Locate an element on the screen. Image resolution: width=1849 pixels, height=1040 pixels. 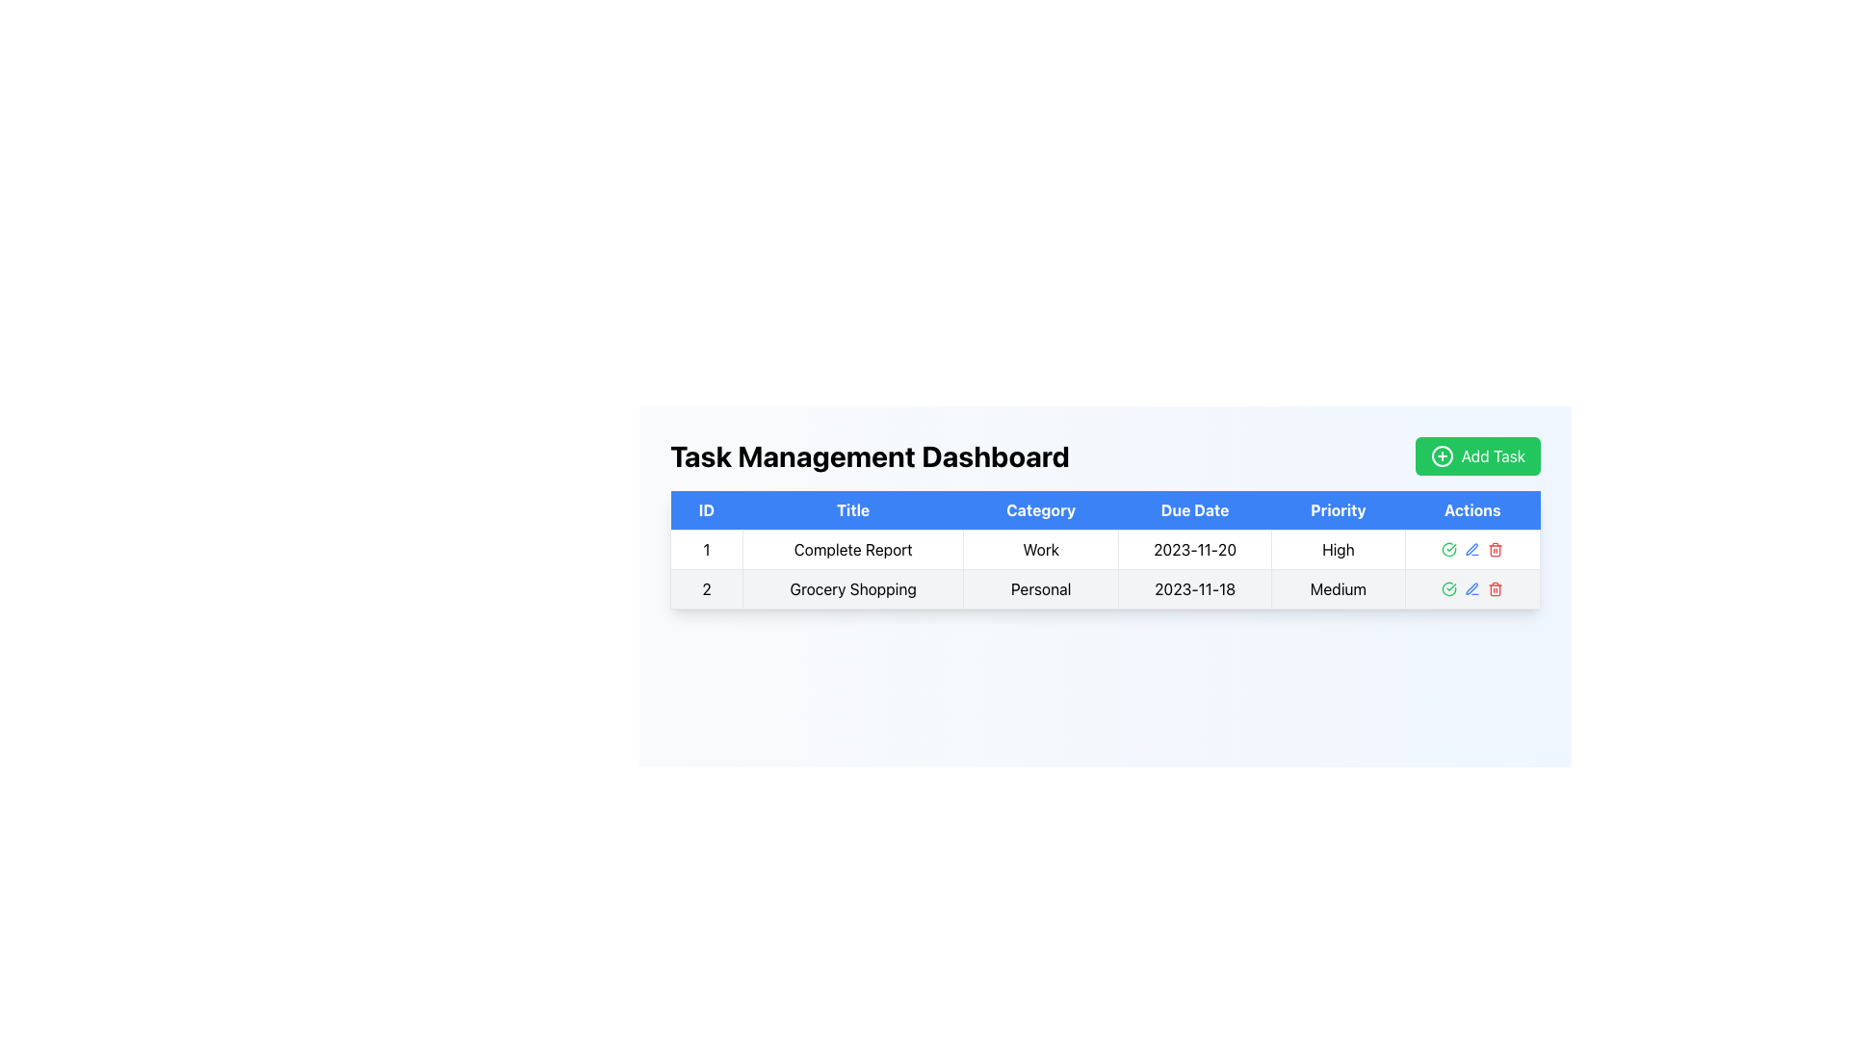
the circular SVG element located at the center of the 'Add Task' button in the top-right corner of the task management dashboard is located at coordinates (1442, 456).